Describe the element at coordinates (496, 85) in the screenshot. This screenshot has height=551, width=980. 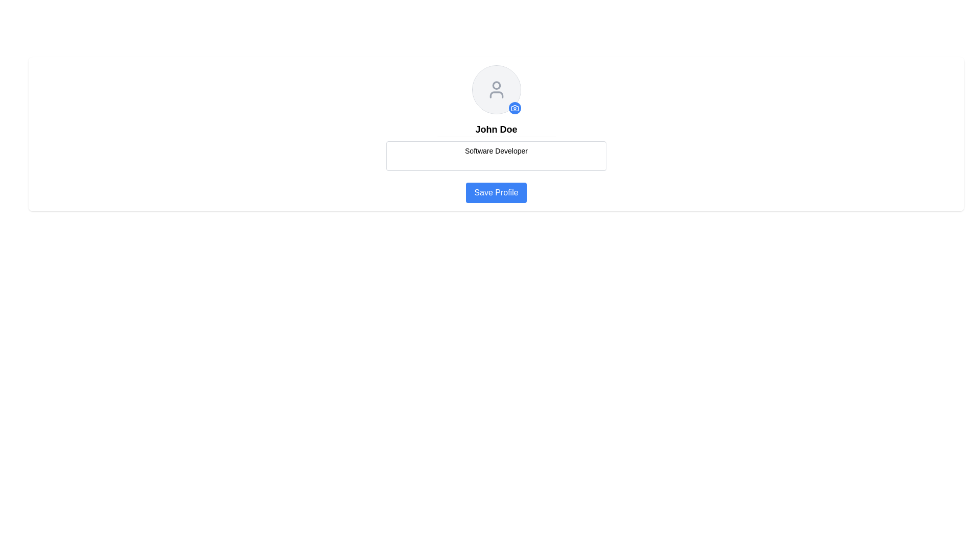
I see `the upper circular part of the user profile icon representing 'John Doe'` at that location.